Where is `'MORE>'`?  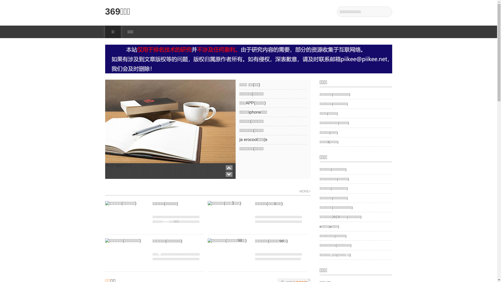
'MORE>' is located at coordinates (305, 191).